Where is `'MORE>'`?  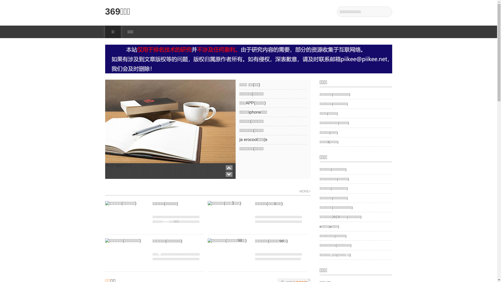
'MORE>' is located at coordinates (305, 191).